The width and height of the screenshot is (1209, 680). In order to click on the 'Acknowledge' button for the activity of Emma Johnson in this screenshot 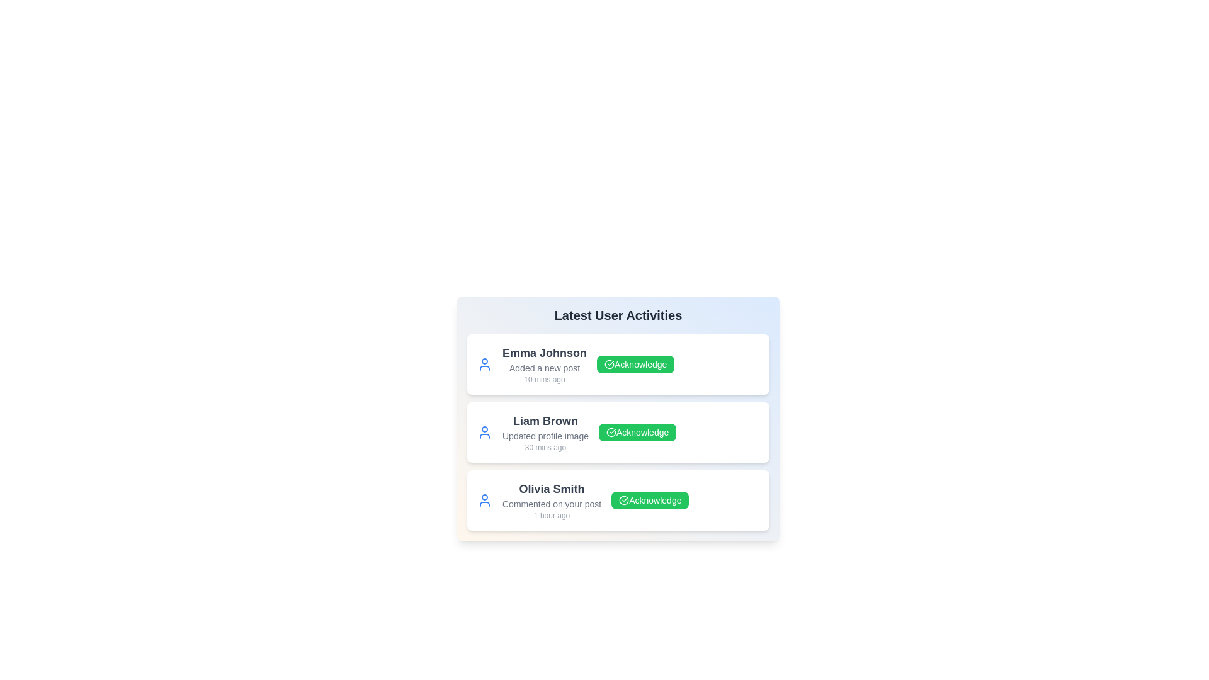, I will do `click(635, 364)`.